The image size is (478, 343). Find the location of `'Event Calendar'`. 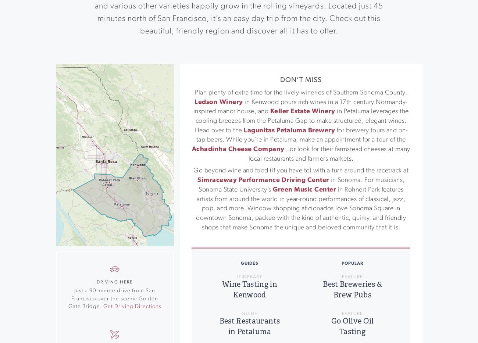

'Event Calendar' is located at coordinates (142, 318).